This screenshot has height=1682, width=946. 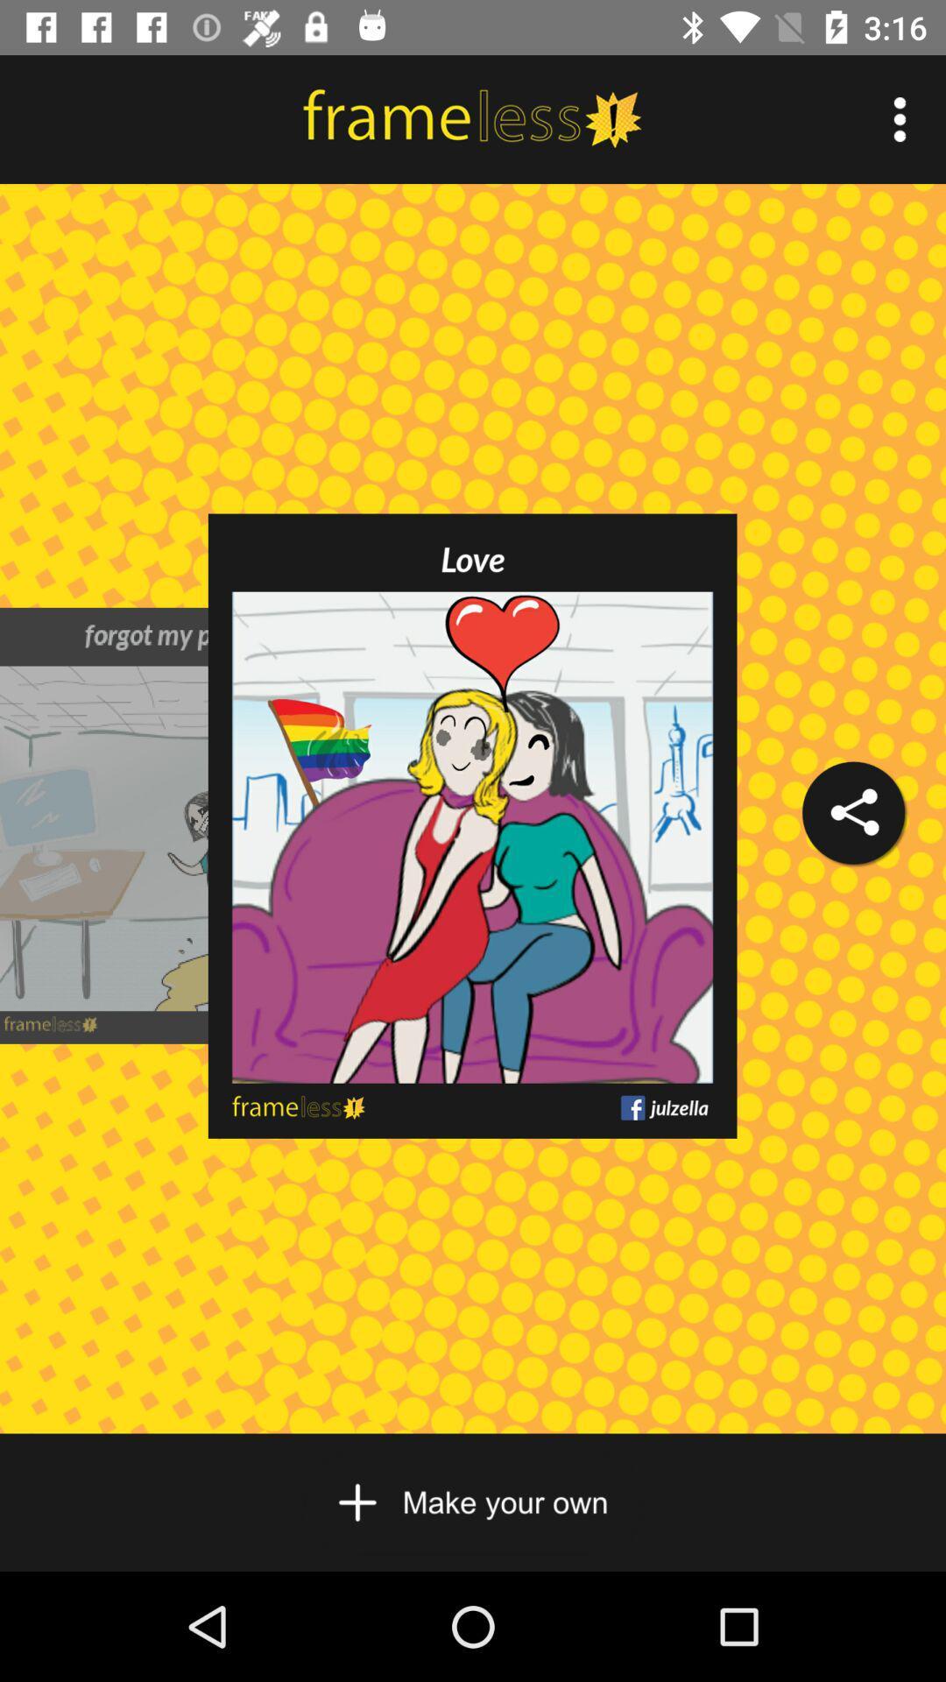 I want to click on see more options, so click(x=900, y=118).